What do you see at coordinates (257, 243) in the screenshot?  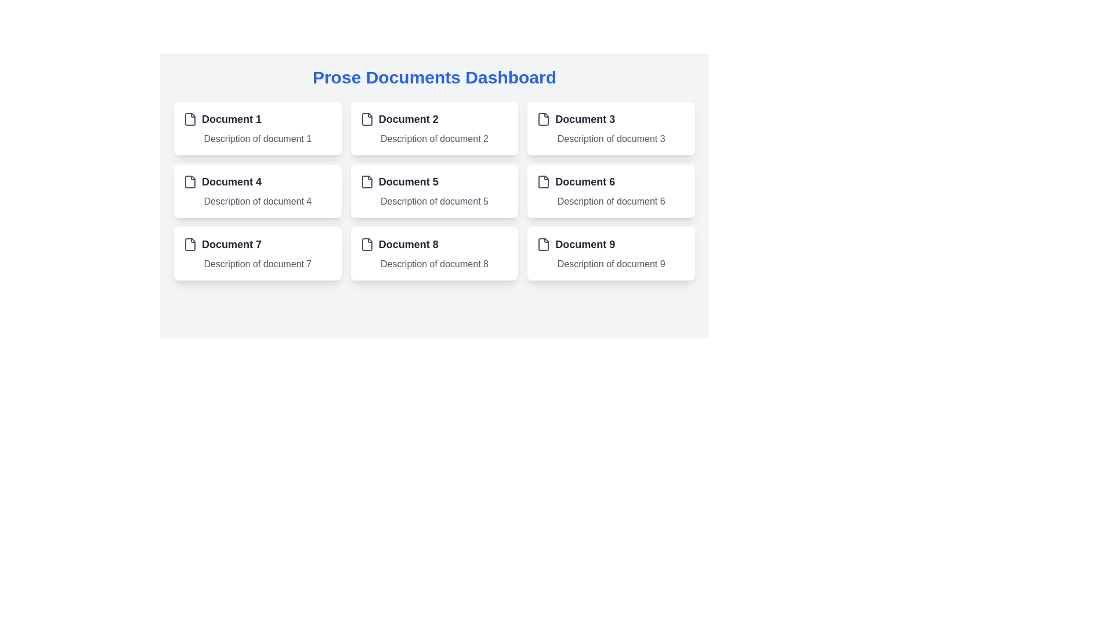 I see `document title displayed as text at the top-left corner of the card, which is aligned with the document icon to its left` at bounding box center [257, 243].